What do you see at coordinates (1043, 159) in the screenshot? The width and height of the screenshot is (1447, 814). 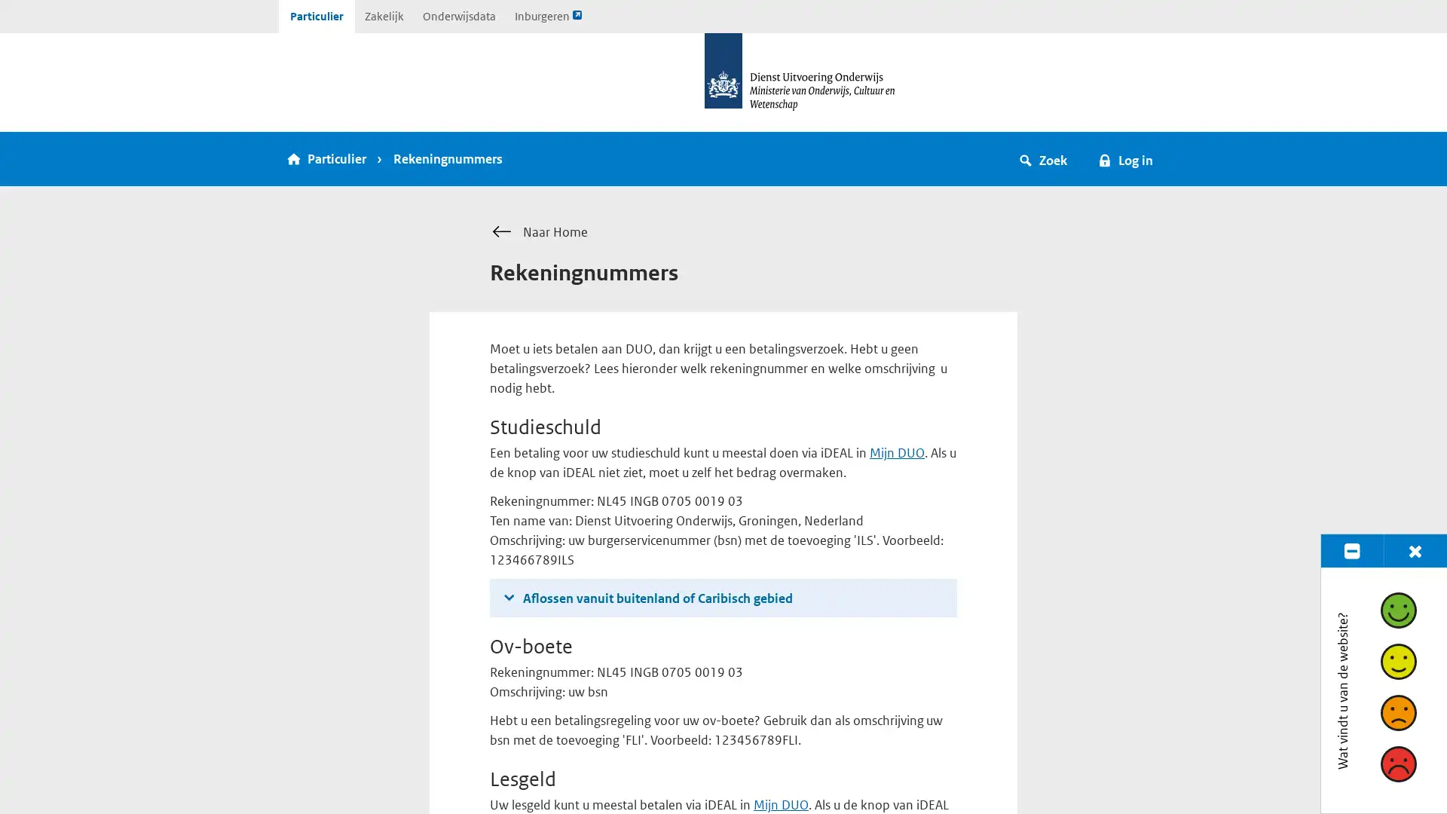 I see `Zoek` at bounding box center [1043, 159].